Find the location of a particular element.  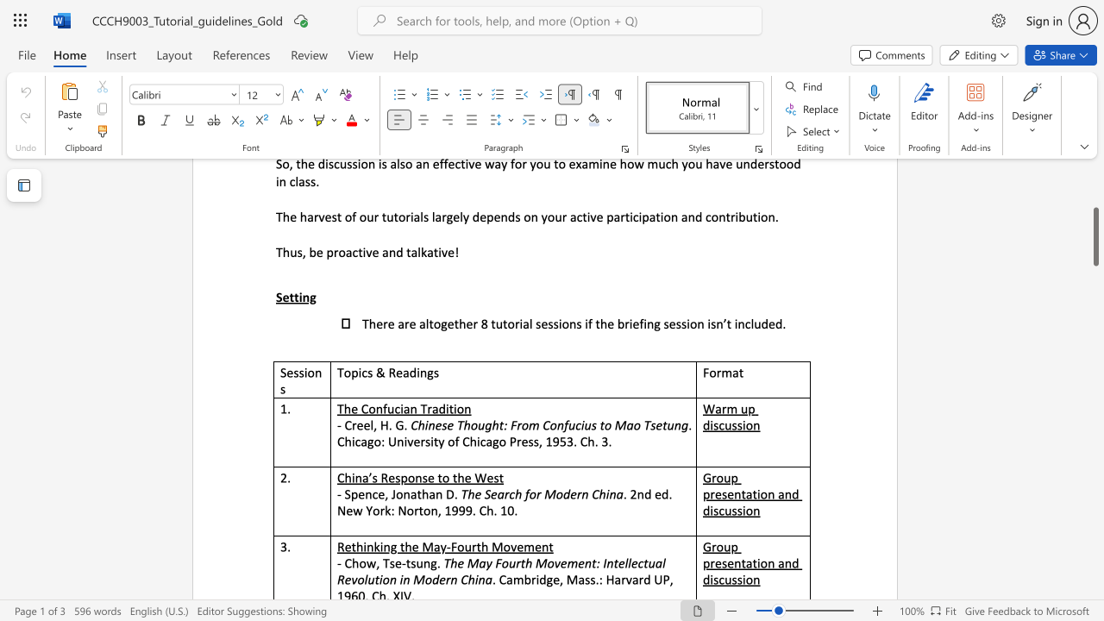

the scrollbar and move up 110 pixels is located at coordinates (1095, 236).